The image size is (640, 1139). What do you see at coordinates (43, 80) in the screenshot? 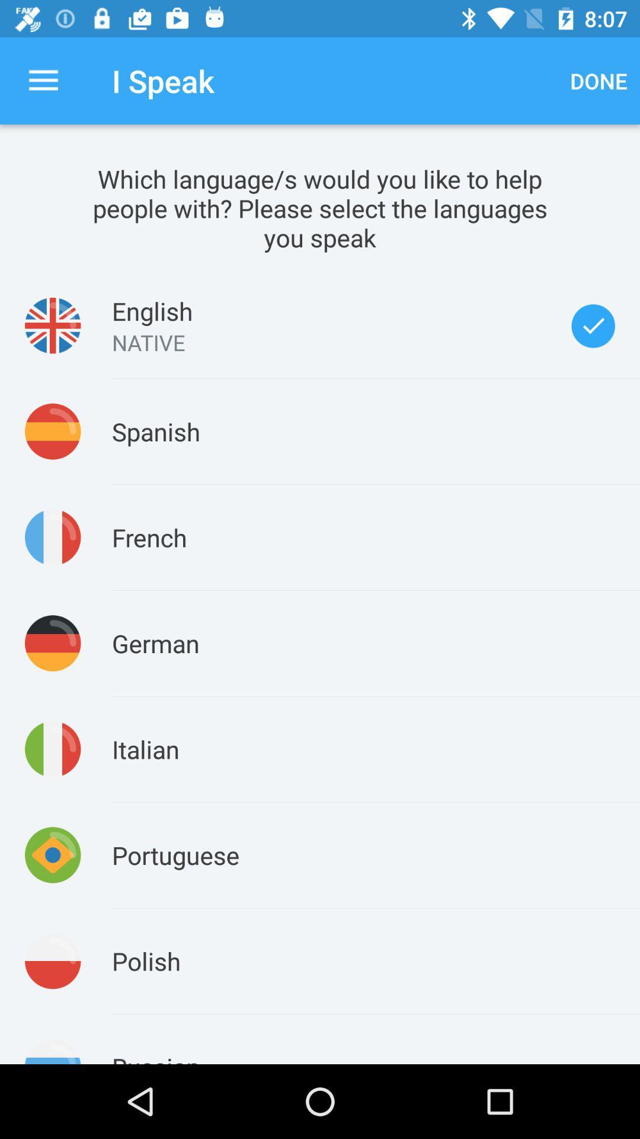
I see `the item to the left of the i speak` at bounding box center [43, 80].